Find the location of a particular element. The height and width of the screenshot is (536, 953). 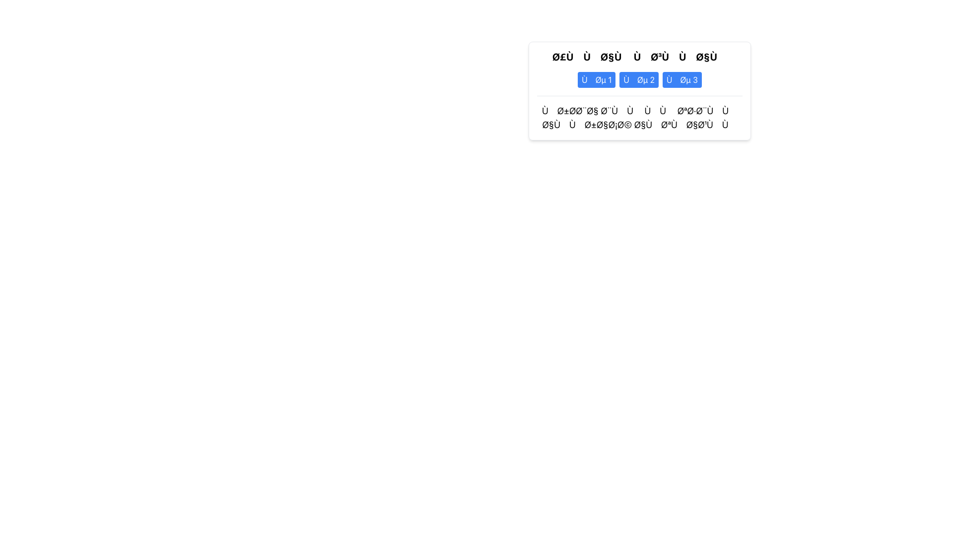

the middle button located between the buttons labeled 'Ùµ 1' and 'Ùµ 3' is located at coordinates (639, 79).